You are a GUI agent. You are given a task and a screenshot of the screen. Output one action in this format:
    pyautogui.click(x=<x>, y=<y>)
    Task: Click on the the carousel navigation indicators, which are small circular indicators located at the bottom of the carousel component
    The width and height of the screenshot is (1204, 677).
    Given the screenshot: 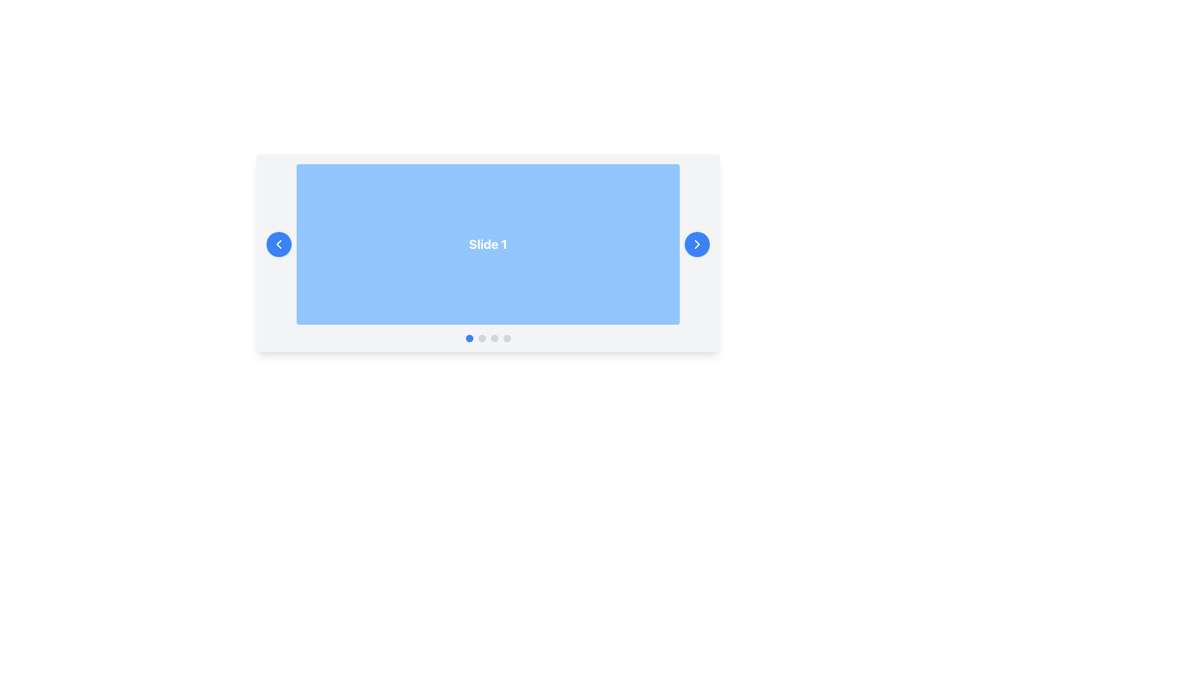 What is the action you would take?
    pyautogui.click(x=487, y=338)
    